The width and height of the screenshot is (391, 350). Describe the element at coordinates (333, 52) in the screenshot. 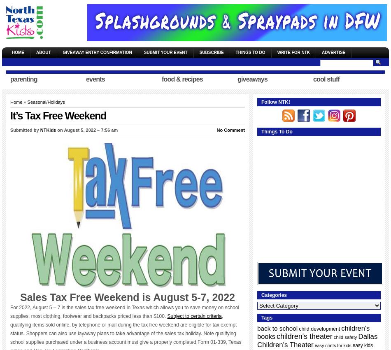

I see `'Advertise'` at that location.